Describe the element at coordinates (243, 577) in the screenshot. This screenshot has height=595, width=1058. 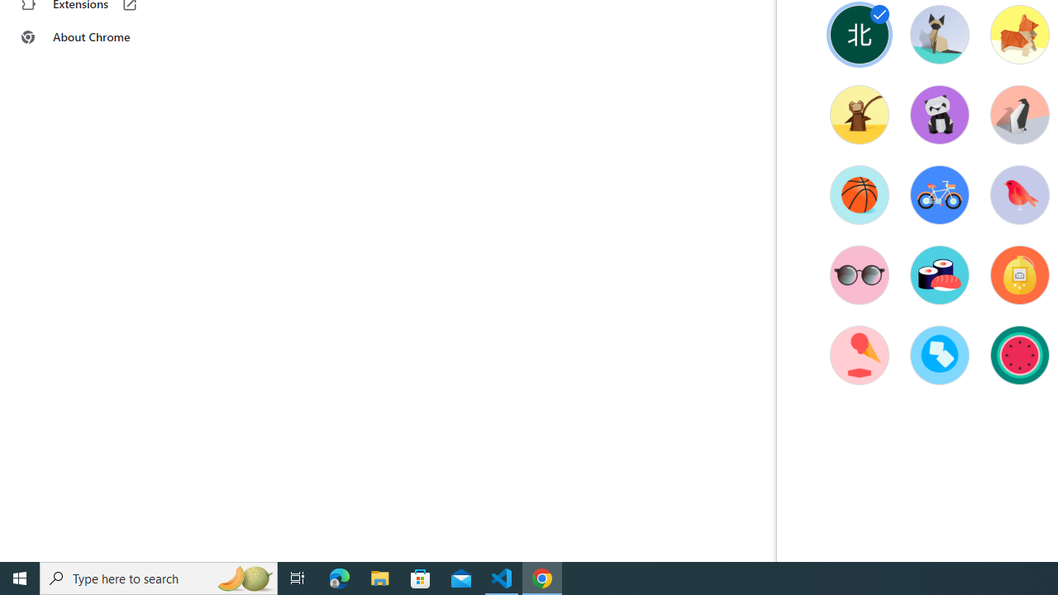
I see `'Search highlights icon opens search home window'` at that location.